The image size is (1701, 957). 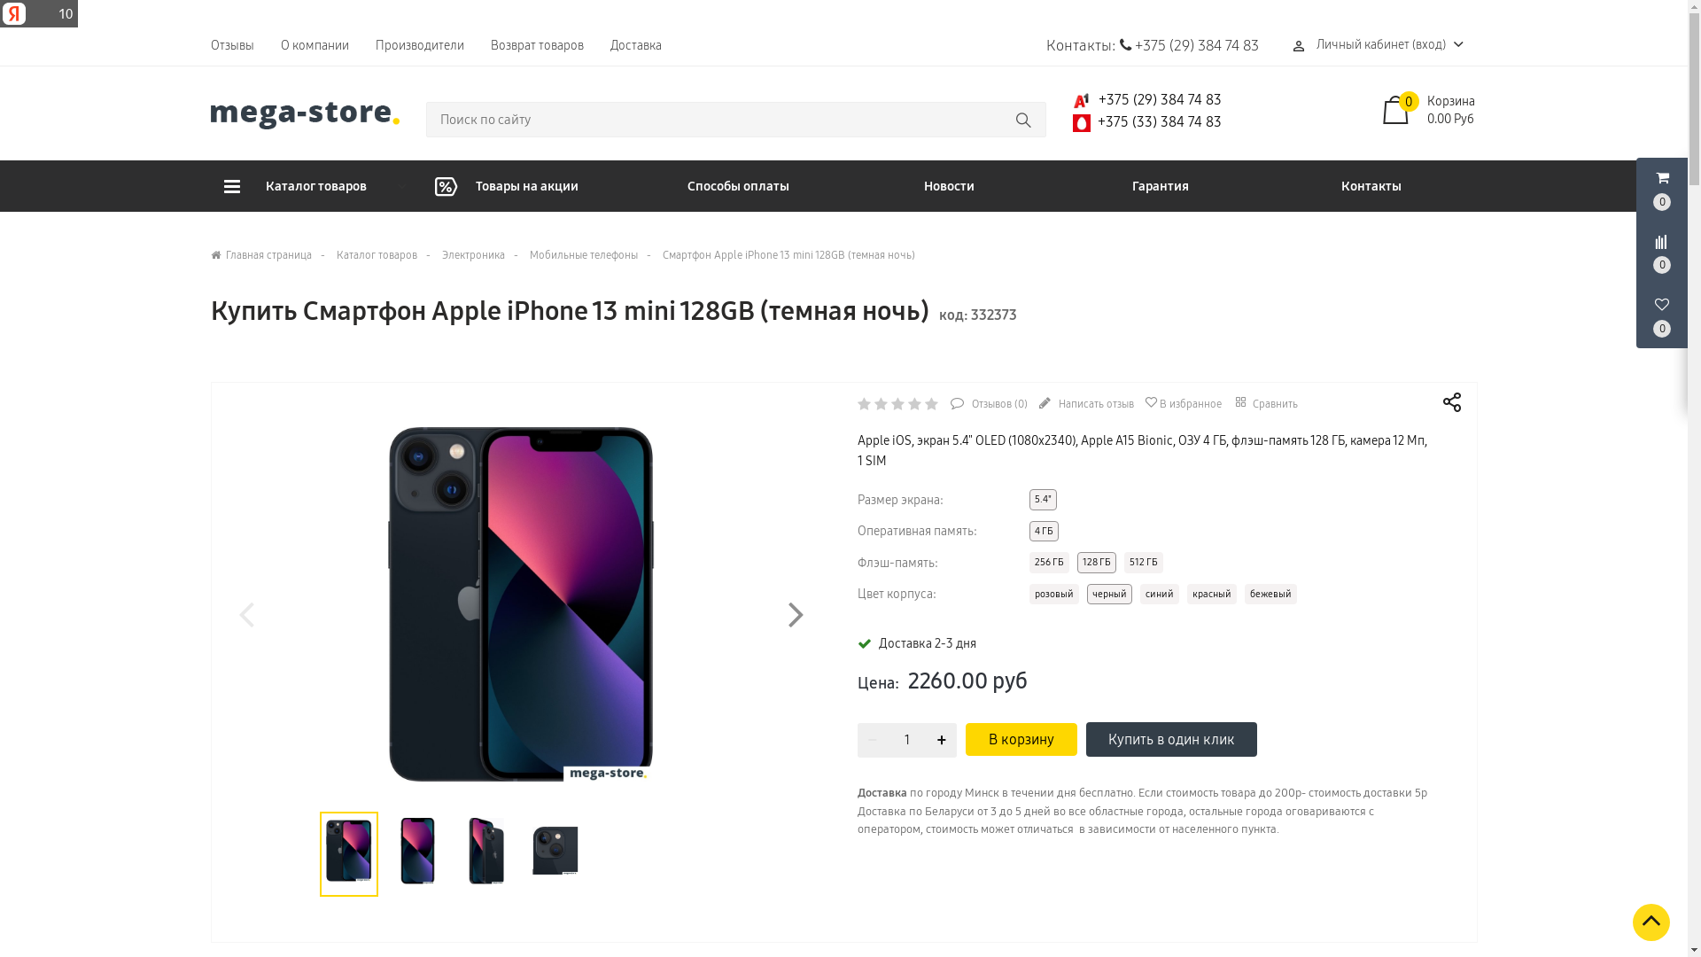 I want to click on '5.4"', so click(x=1029, y=499).